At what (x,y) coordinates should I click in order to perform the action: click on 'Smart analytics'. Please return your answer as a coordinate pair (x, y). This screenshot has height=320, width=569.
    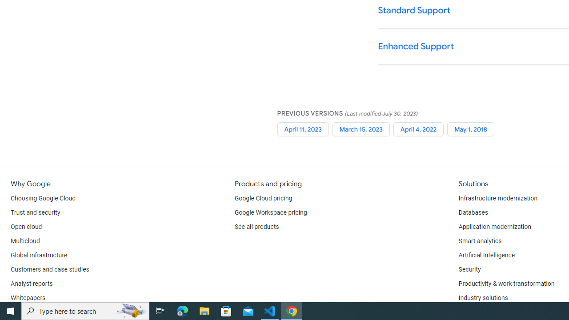
    Looking at the image, I should click on (479, 241).